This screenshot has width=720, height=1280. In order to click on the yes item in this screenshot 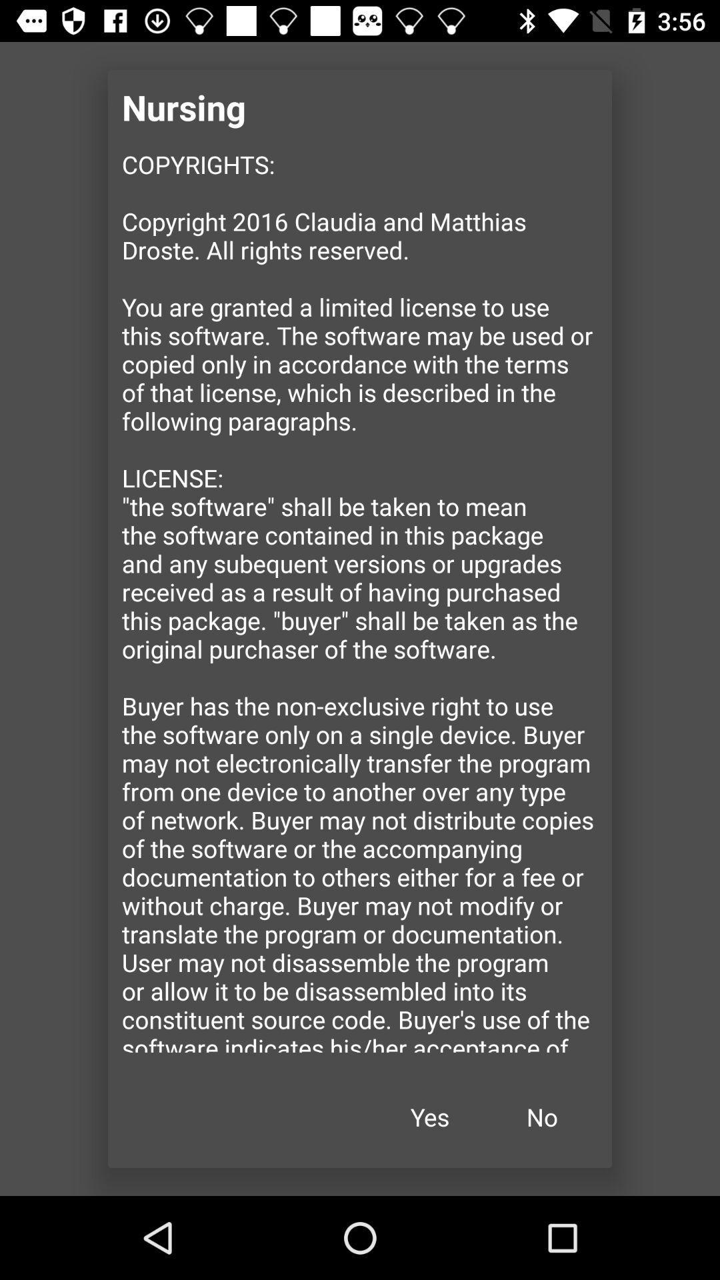, I will do `click(429, 1117)`.